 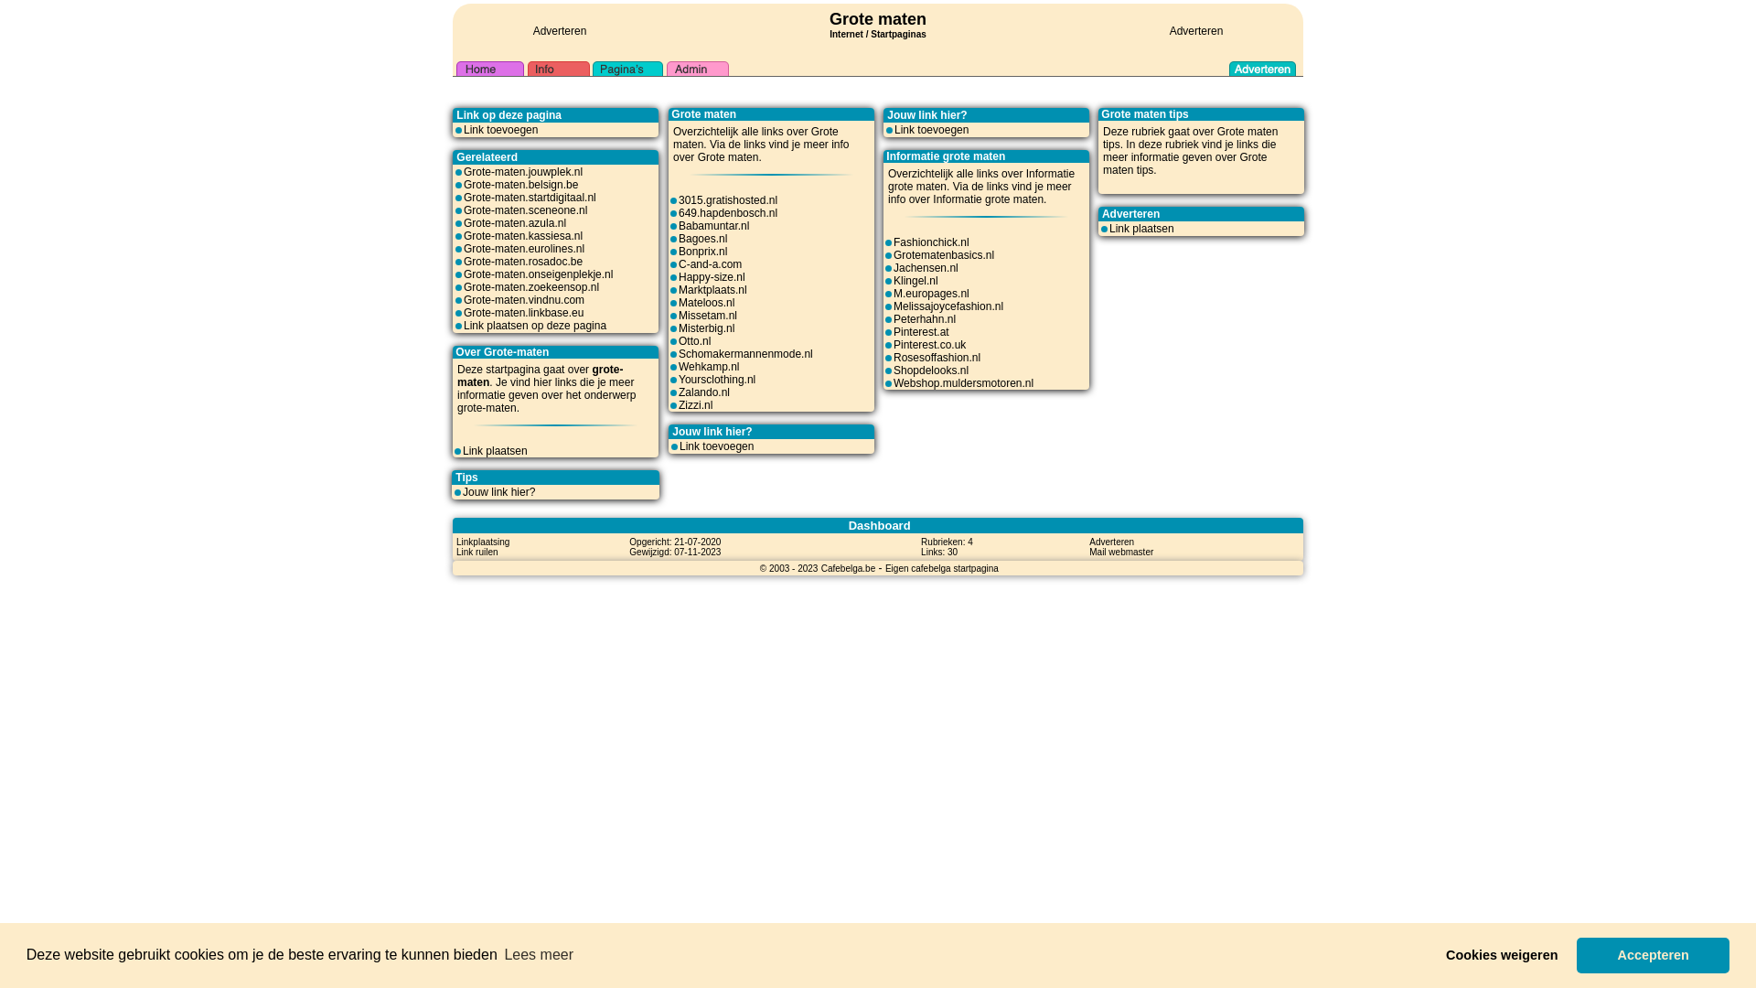 What do you see at coordinates (962, 382) in the screenshot?
I see `'Webshop.muldersmotoren.nl'` at bounding box center [962, 382].